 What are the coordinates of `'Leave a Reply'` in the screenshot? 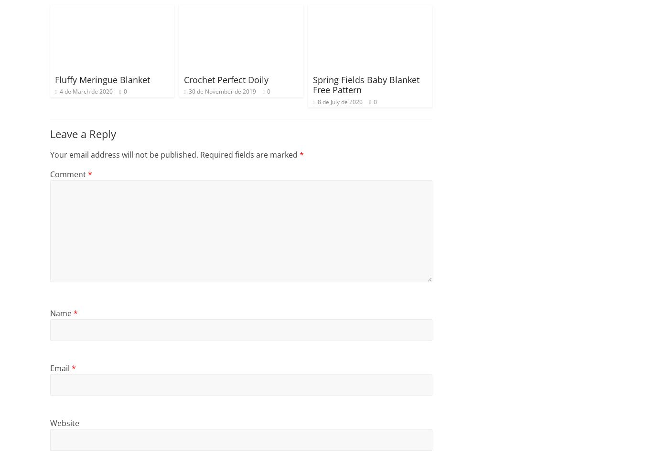 It's located at (83, 133).